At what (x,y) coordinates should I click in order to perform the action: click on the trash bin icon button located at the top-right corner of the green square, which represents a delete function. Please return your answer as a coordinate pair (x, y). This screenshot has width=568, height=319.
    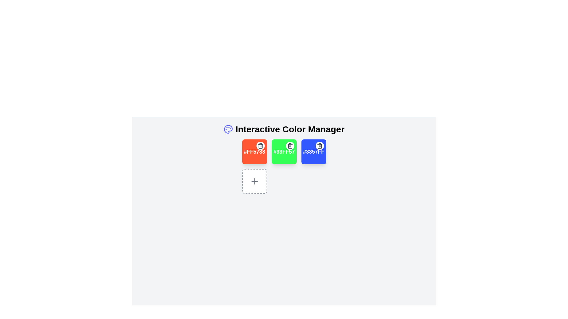
    Looking at the image, I should click on (290, 146).